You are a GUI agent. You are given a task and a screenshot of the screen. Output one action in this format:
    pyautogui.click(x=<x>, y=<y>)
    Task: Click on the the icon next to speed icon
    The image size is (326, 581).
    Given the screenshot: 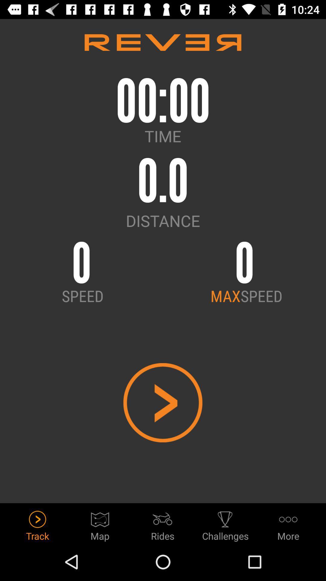 What is the action you would take?
    pyautogui.click(x=225, y=296)
    